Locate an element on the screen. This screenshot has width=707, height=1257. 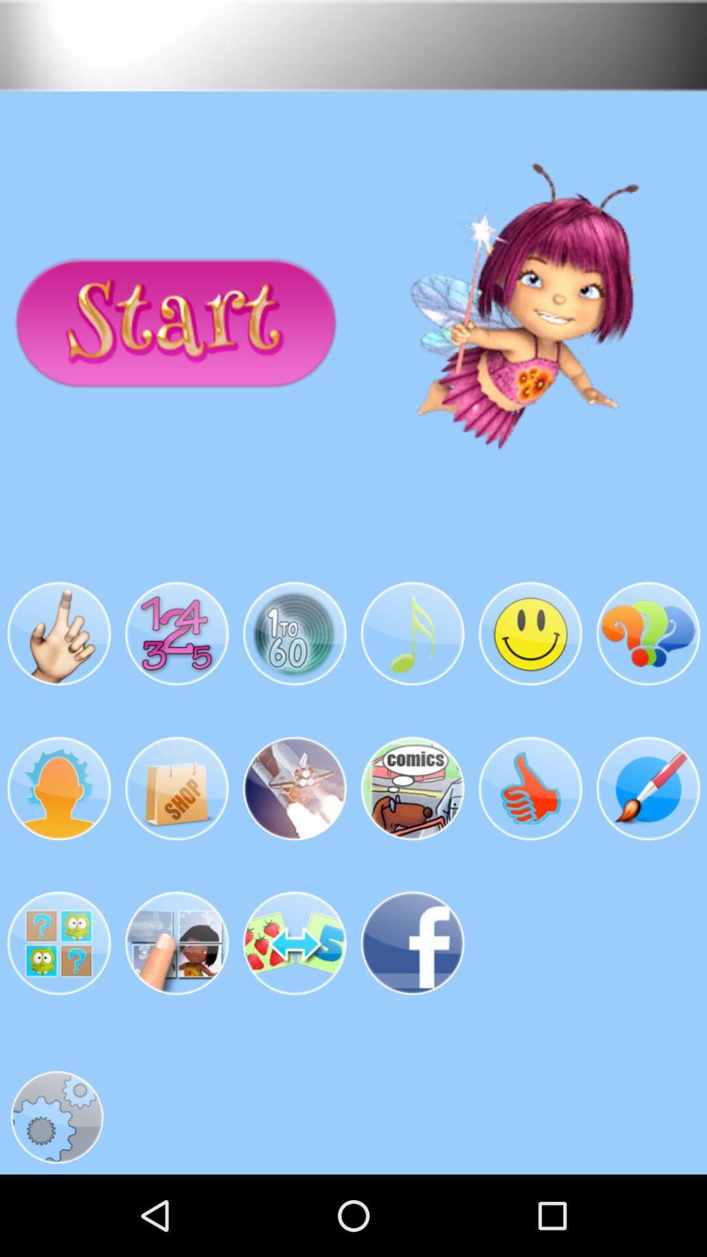
the 5th circular shaped emoji image from the web page is located at coordinates (530, 634).